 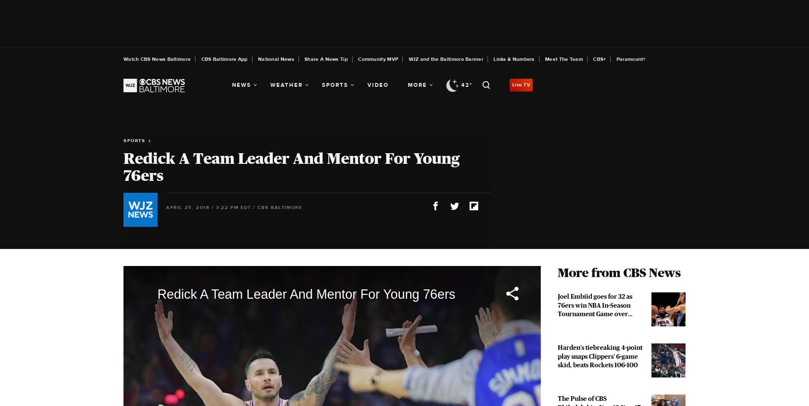 I want to click on 'Watch CBS News Baltimore', so click(x=156, y=59).